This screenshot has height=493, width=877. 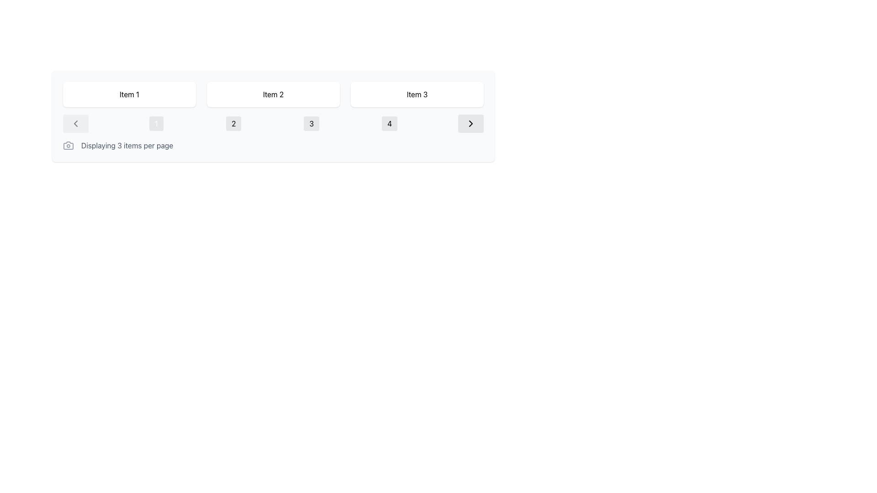 What do you see at coordinates (76, 123) in the screenshot?
I see `the left chevron arrow icon located in the pagination section` at bounding box center [76, 123].